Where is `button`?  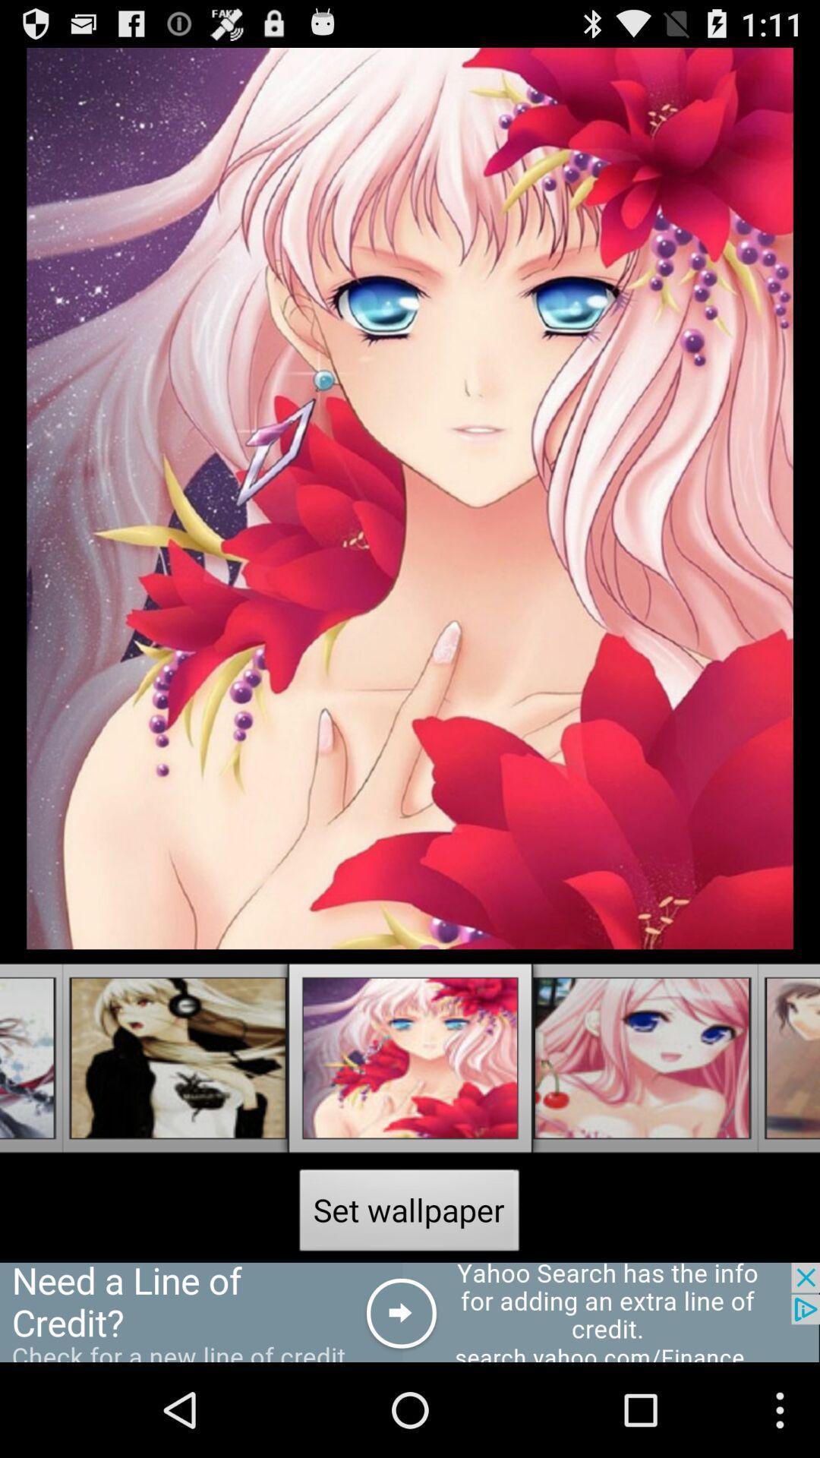
button is located at coordinates (410, 1311).